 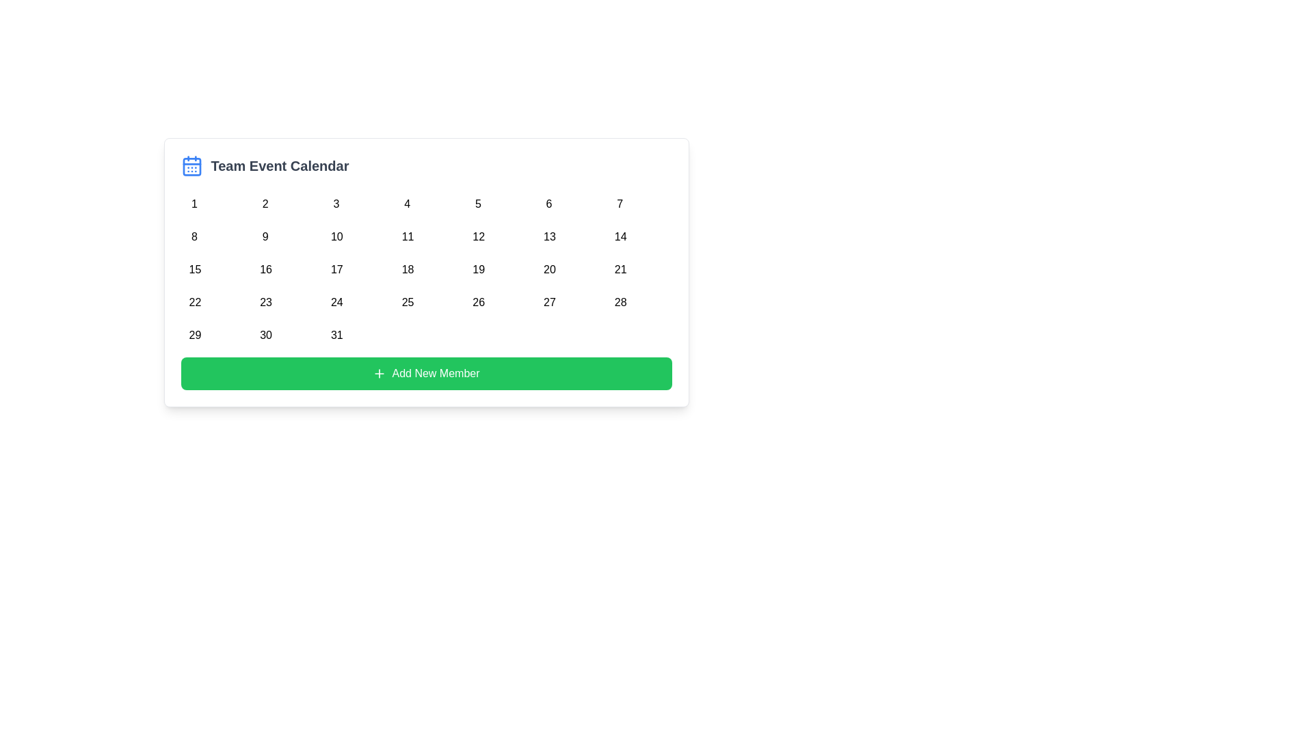 I want to click on the number in the central grid of the Team Event Calendar, so click(x=425, y=266).